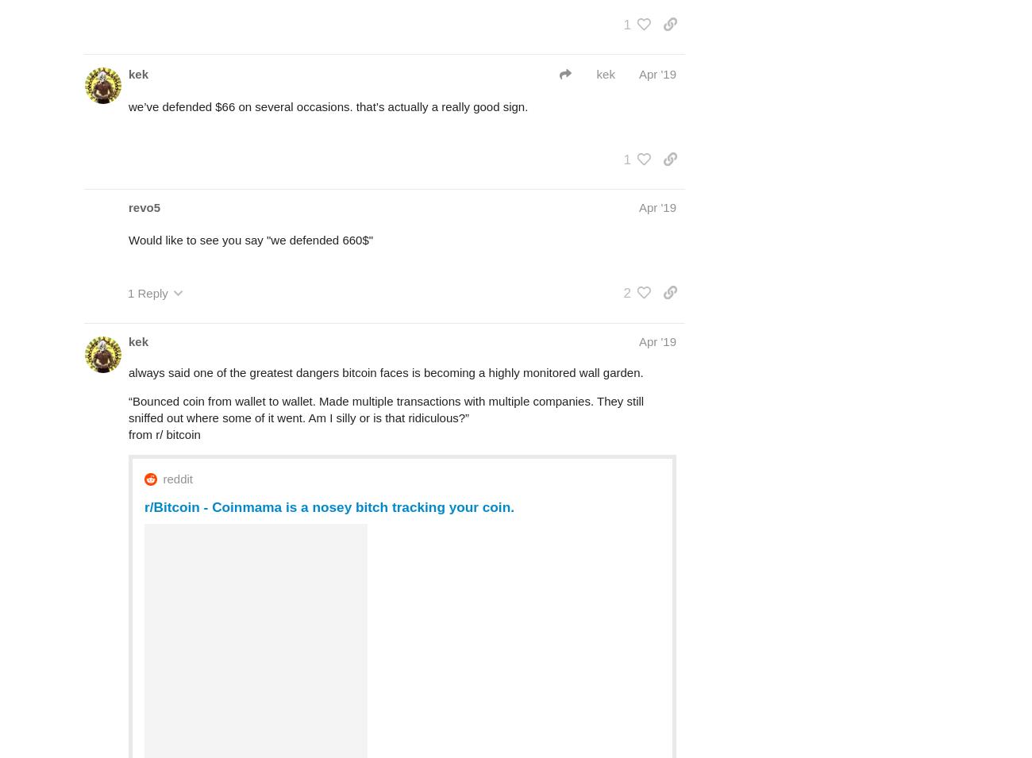 The width and height of the screenshot is (1032, 758). What do you see at coordinates (626, 292) in the screenshot?
I see `'2'` at bounding box center [626, 292].